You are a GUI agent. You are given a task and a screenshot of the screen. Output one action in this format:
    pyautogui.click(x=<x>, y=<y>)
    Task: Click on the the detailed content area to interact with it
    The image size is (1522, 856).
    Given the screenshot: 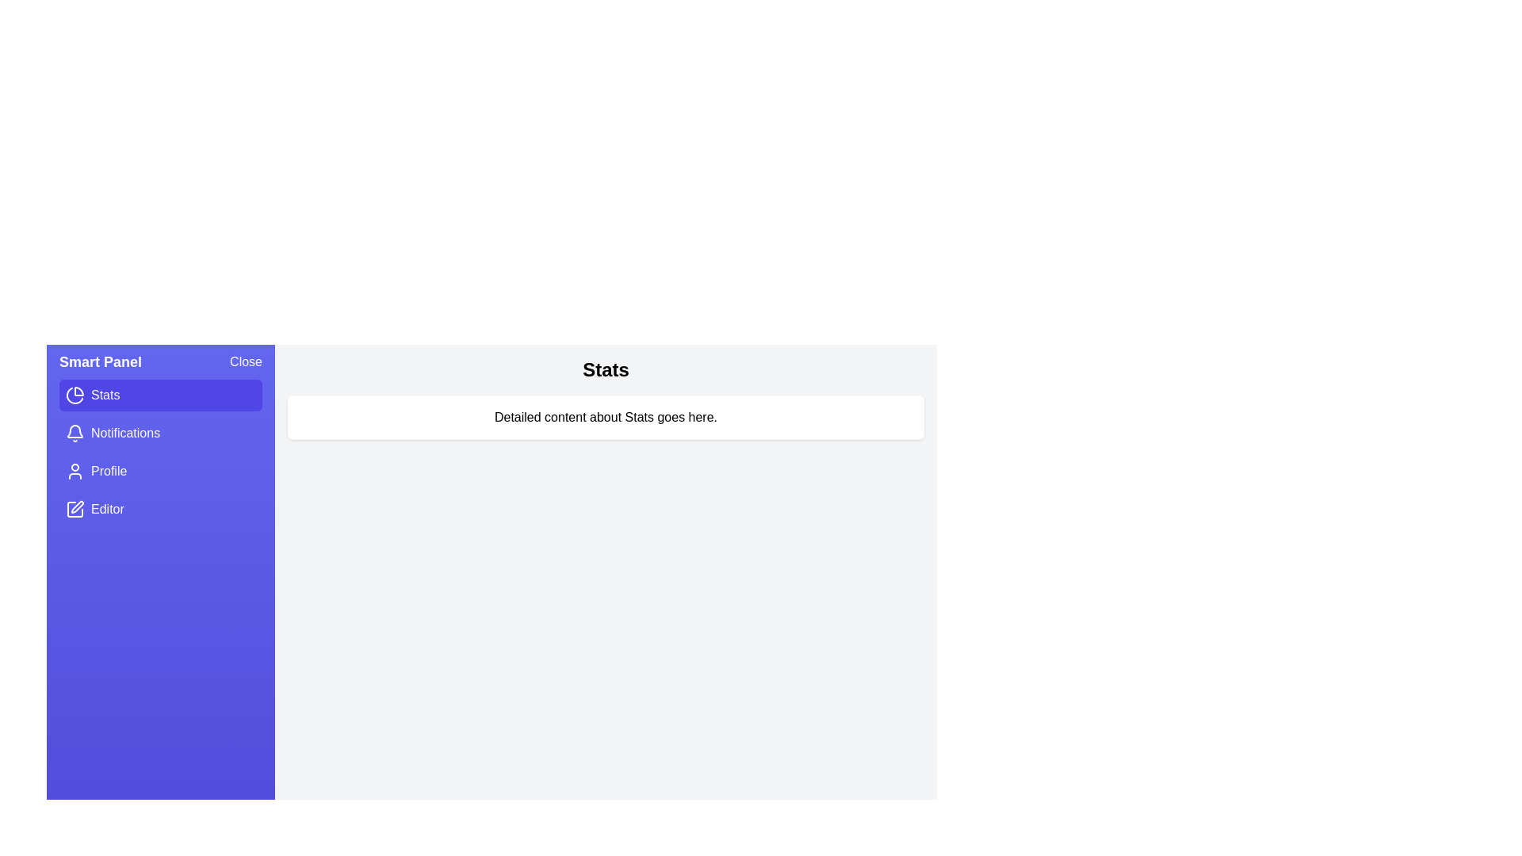 What is the action you would take?
    pyautogui.click(x=605, y=417)
    